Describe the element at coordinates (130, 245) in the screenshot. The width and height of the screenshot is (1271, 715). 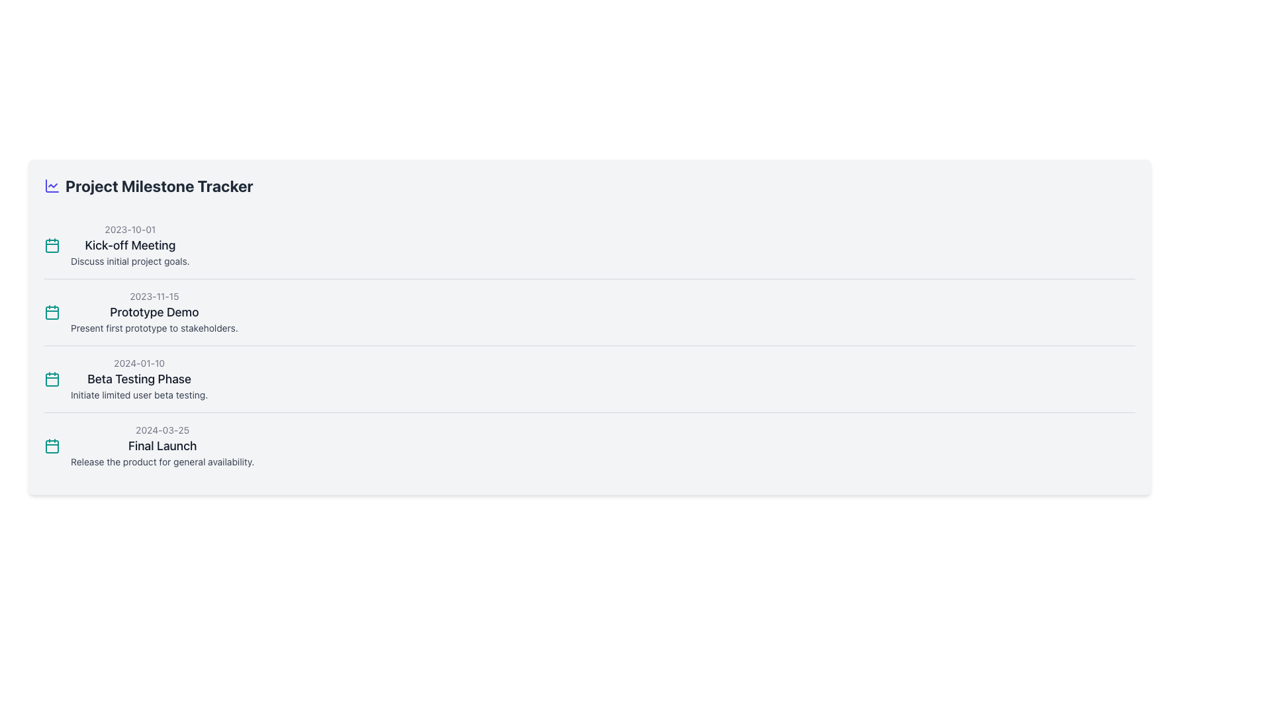
I see `text content of the textual block that contains the date '2023-10-01', the title 'Kick-off Meeting', and the description 'Discuss initial project goals.'` at that location.